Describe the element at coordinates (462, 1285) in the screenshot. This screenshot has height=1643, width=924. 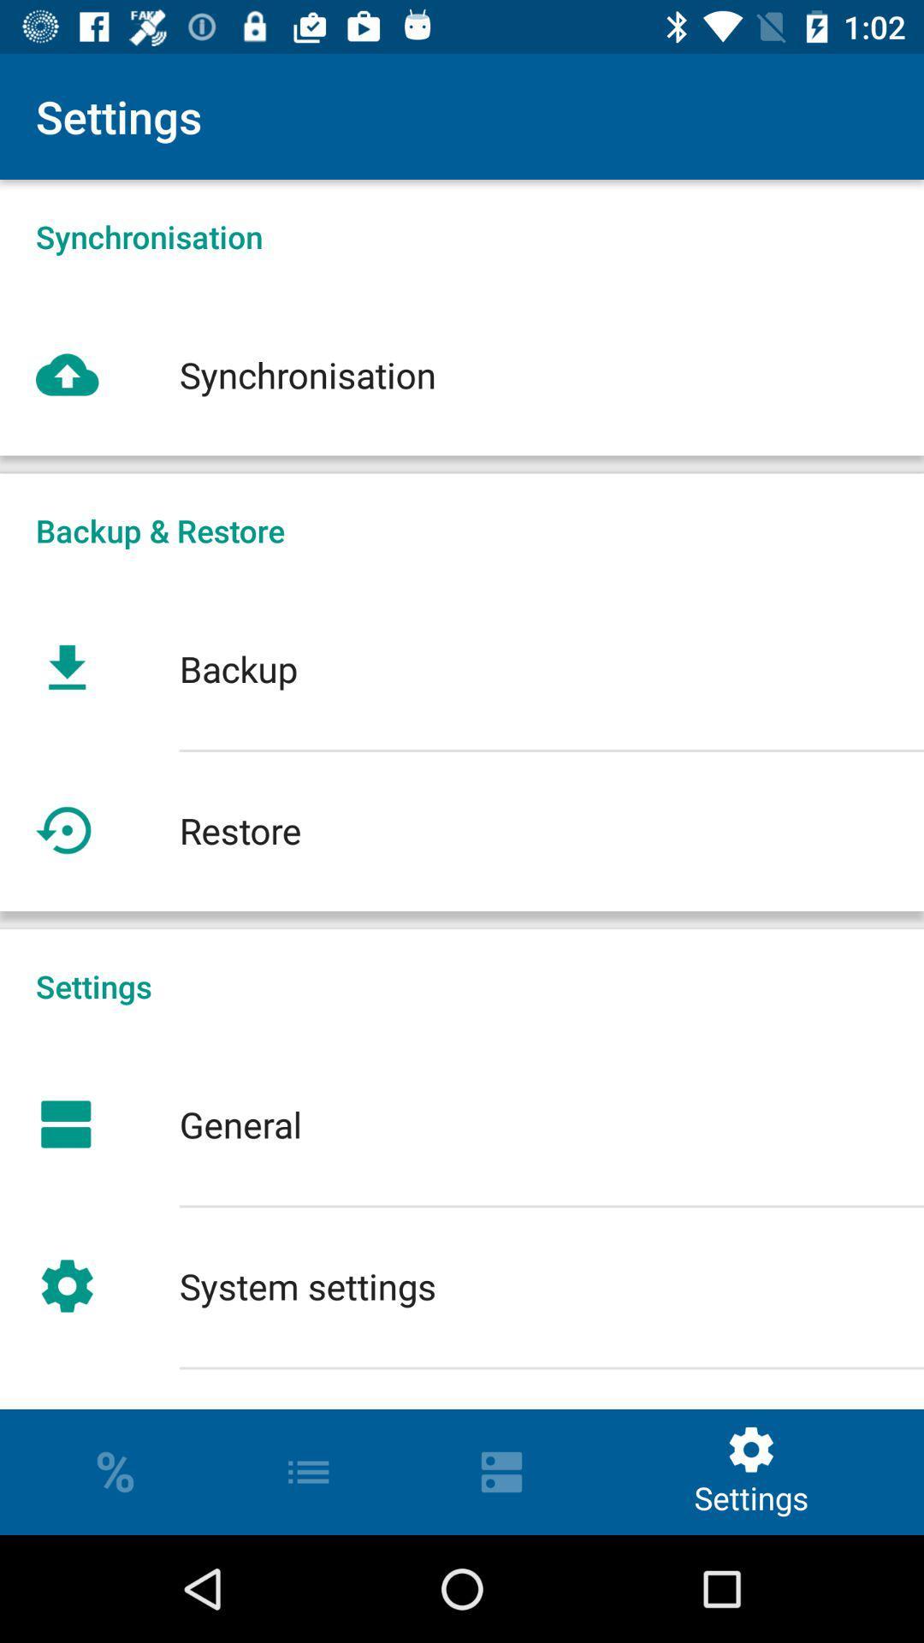
I see `the item below the general item` at that location.